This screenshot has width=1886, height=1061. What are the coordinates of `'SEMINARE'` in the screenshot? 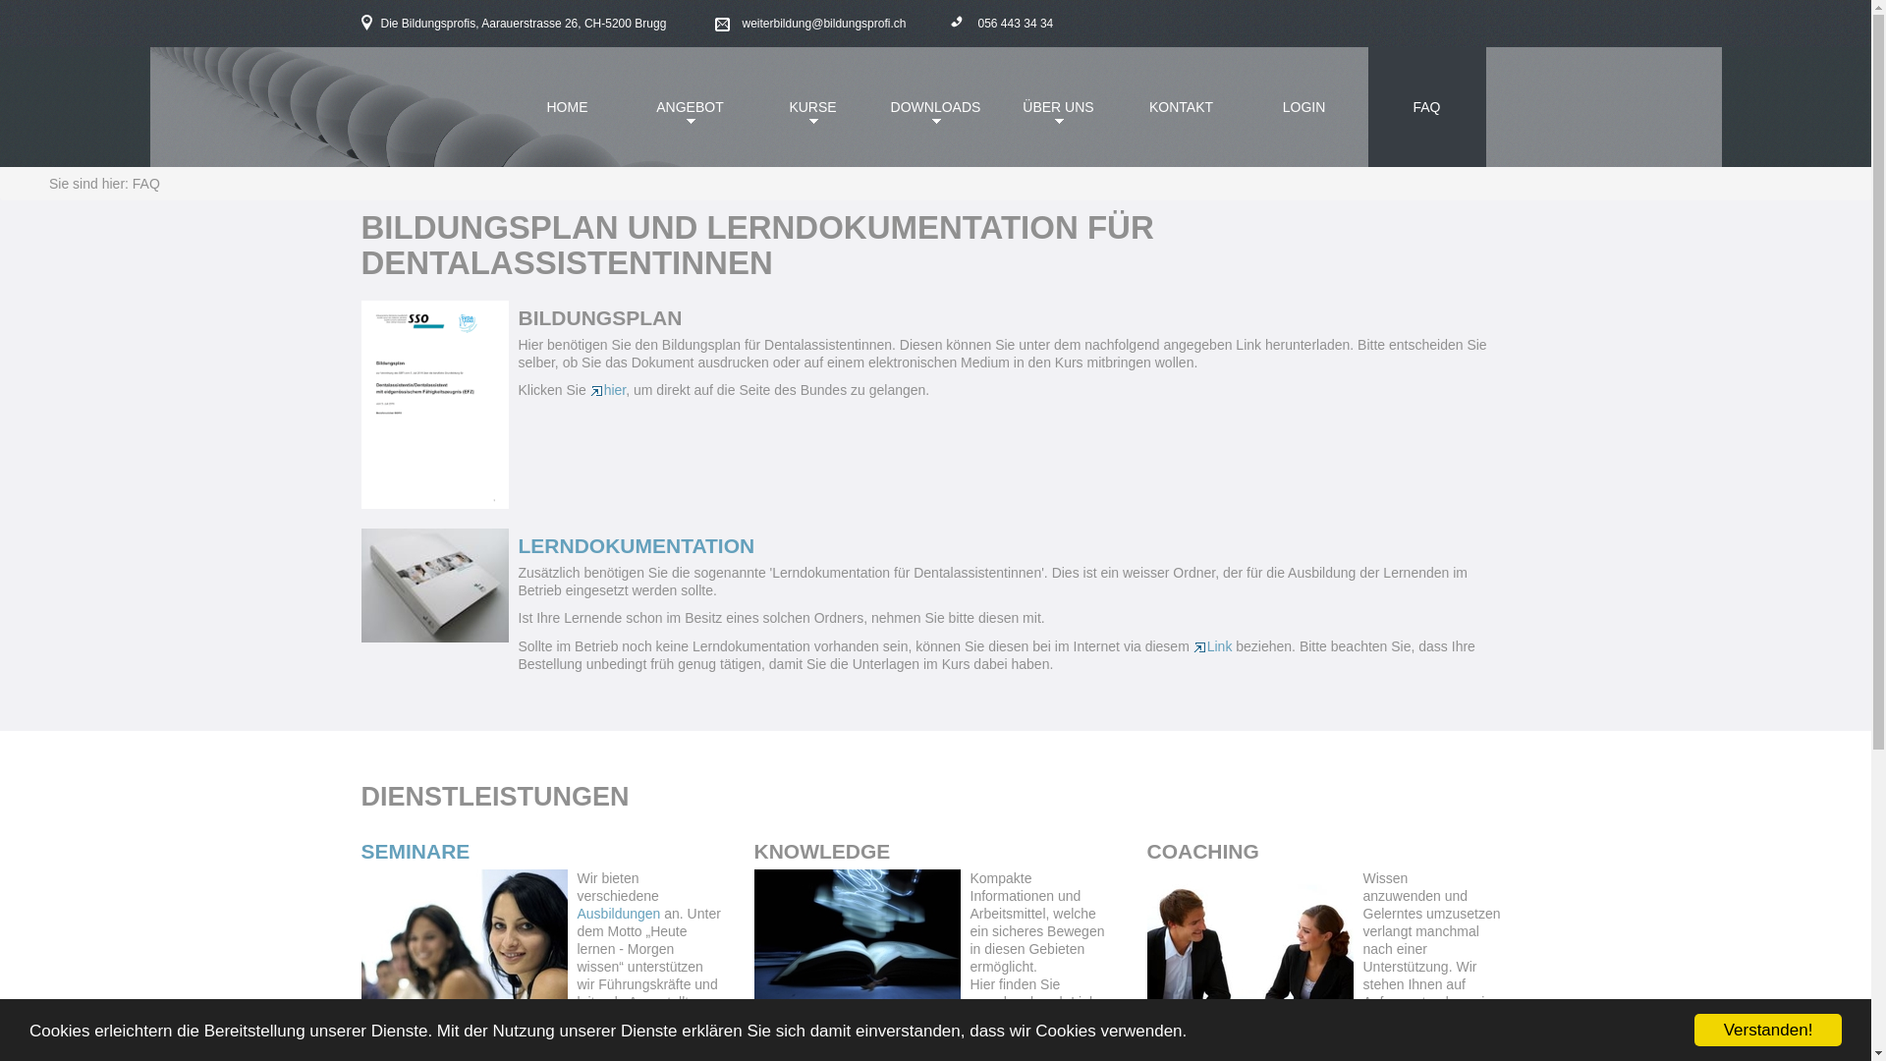 It's located at (361, 850).